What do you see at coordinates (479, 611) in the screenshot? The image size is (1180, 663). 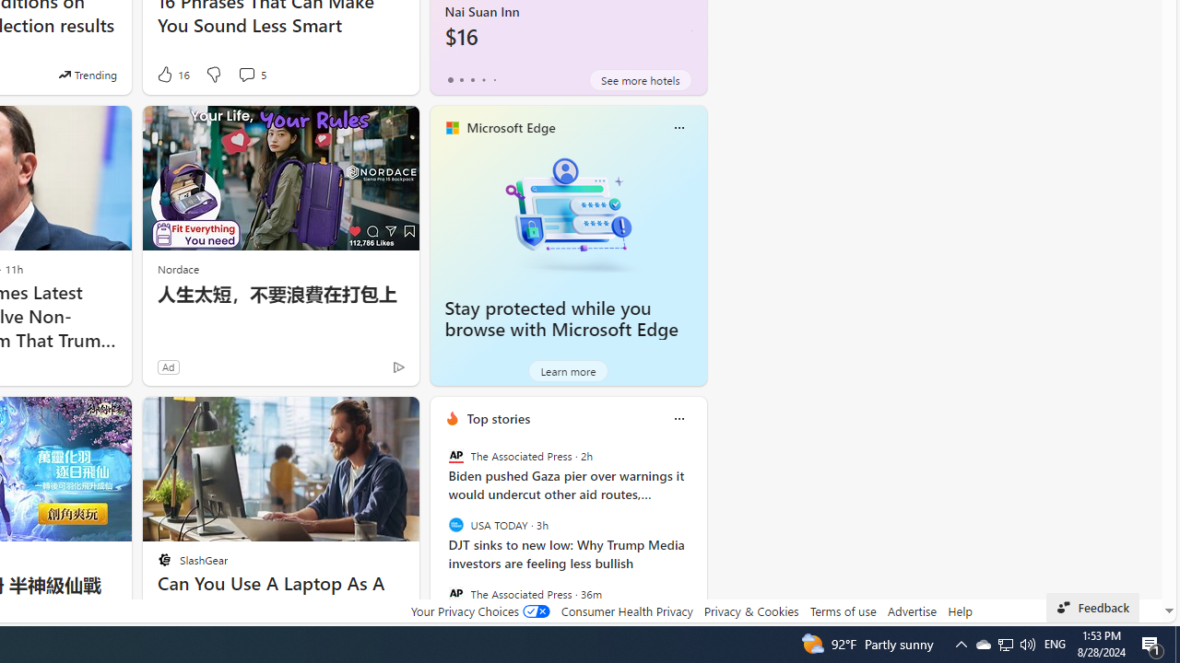 I see `'Your Privacy Choices'` at bounding box center [479, 611].